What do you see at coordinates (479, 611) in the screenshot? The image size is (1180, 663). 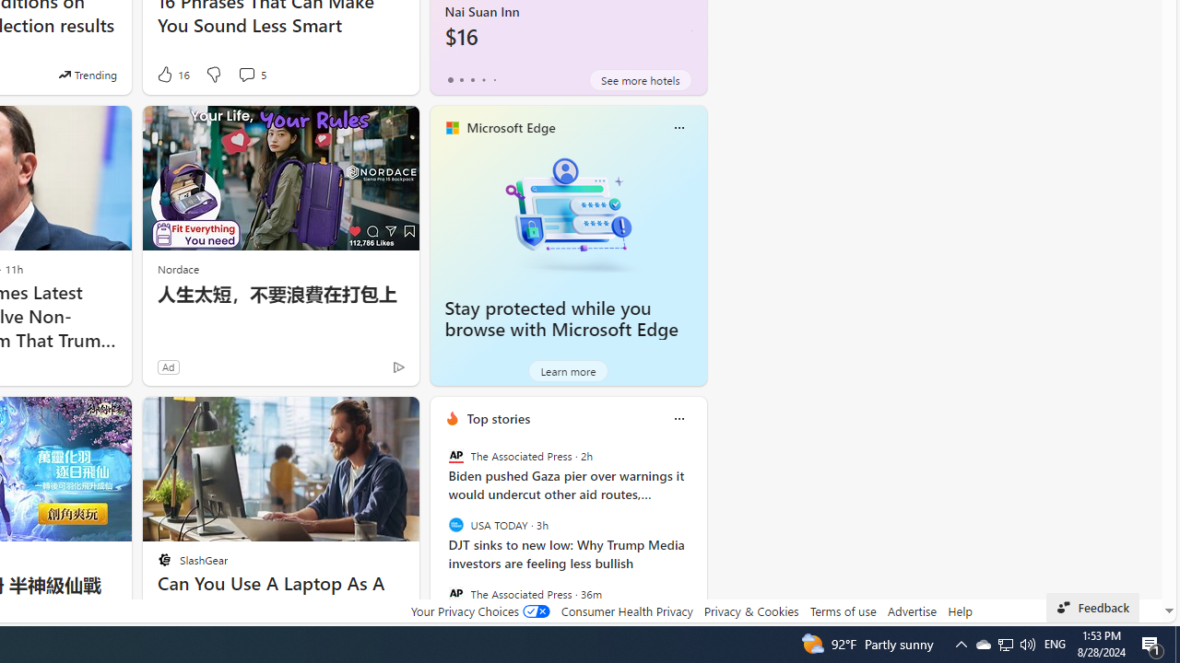 I see `'Your Privacy Choices'` at bounding box center [479, 611].